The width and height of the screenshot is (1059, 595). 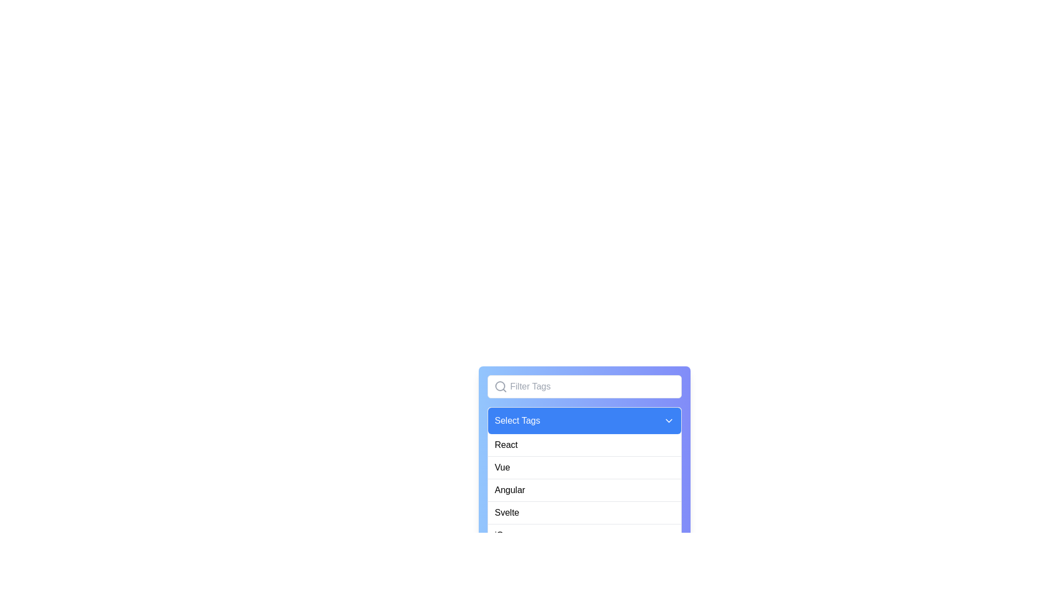 I want to click on the search icon located on the left side of the 'Filter Tags' input field, indicating its functionality for filtering or searching tags, so click(x=500, y=386).